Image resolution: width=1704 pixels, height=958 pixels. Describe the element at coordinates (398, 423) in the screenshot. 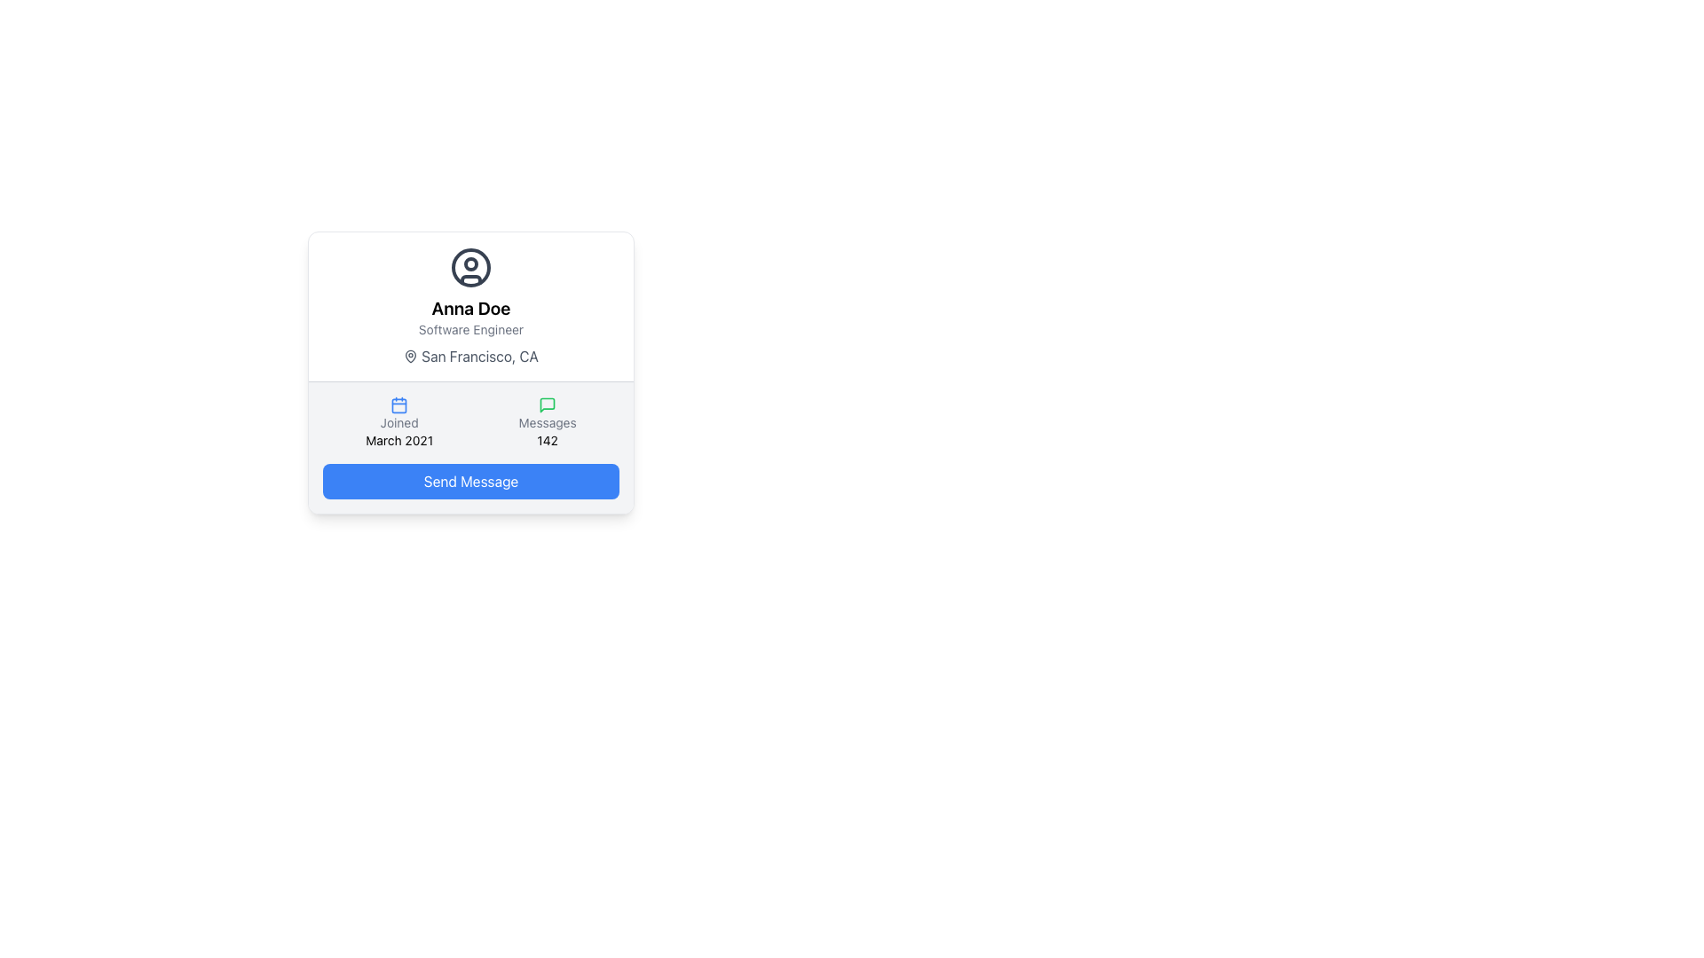

I see `the 'Joined' text label located in the user information card, positioned above the 'March 2021' text and to the right of the calendar icon` at that location.